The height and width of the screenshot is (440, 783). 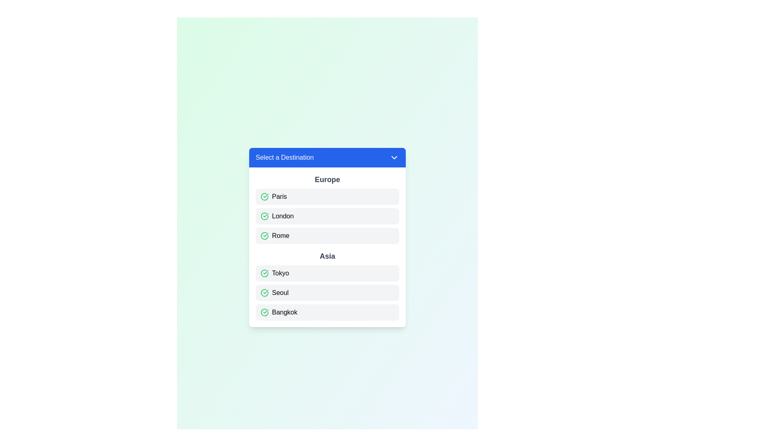 I want to click on the Text label representing a destination item in the list under the 'Asia' category, so click(x=280, y=273).